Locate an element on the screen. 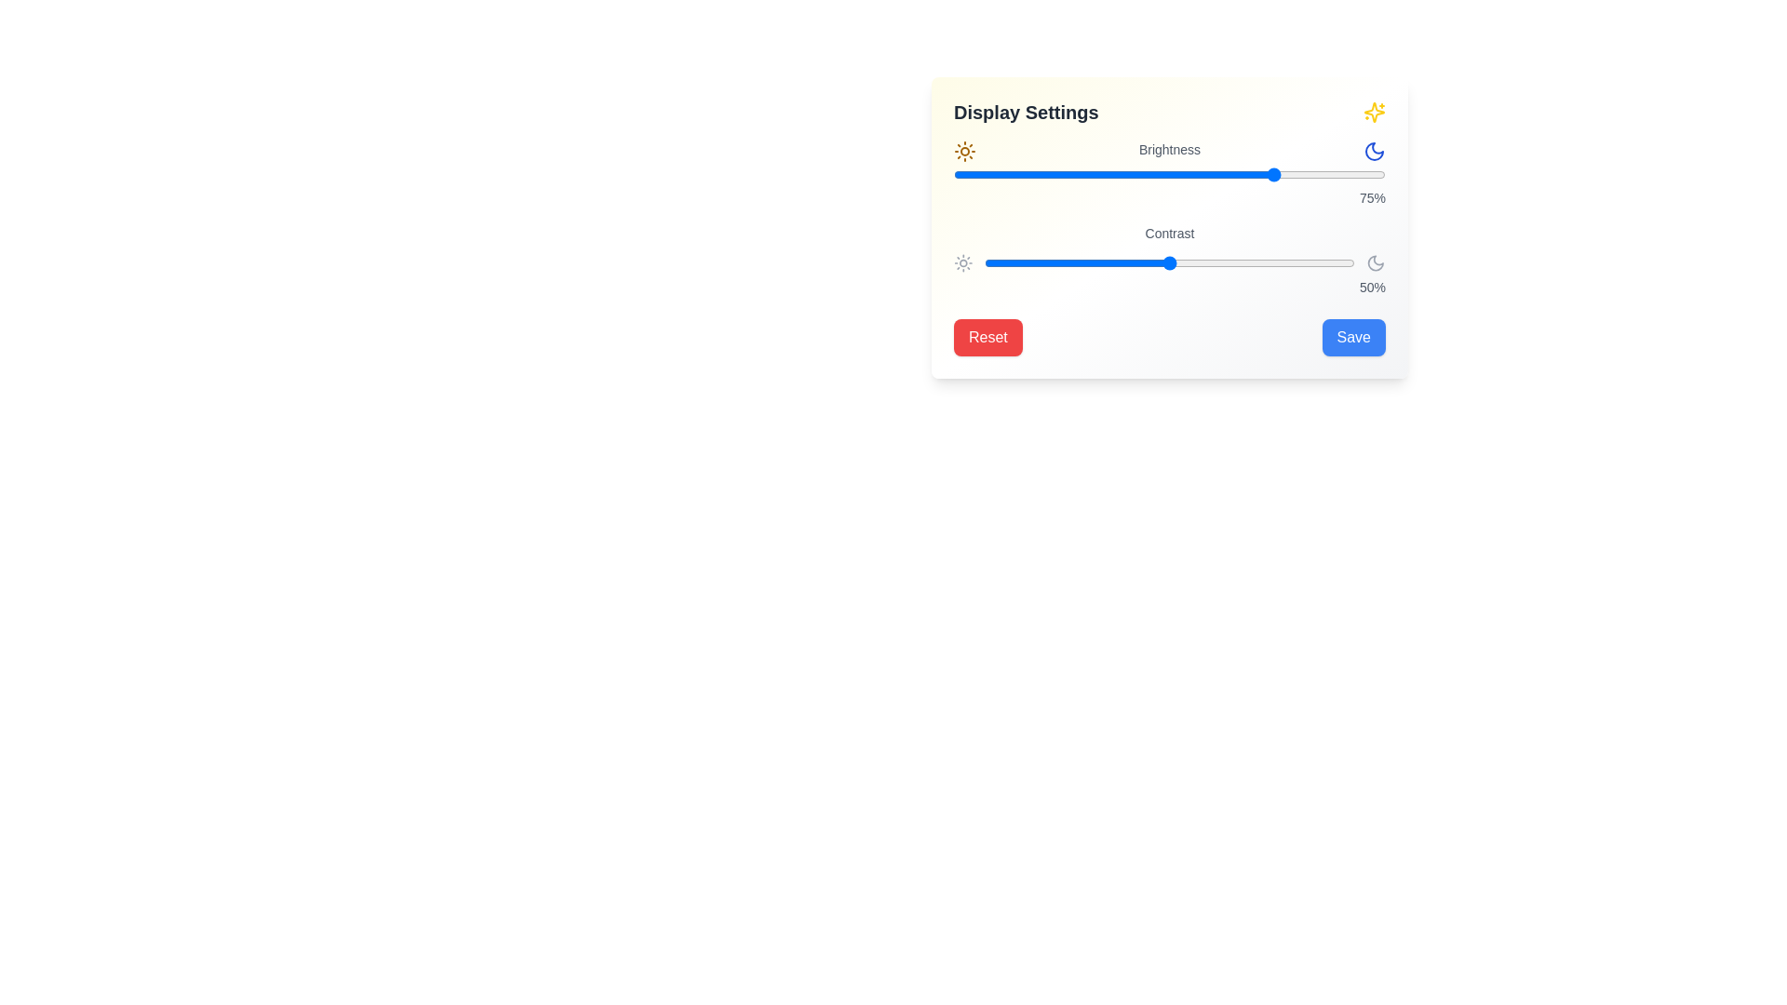 Image resolution: width=1787 pixels, height=1005 pixels. the contrast level is located at coordinates (1127, 262).